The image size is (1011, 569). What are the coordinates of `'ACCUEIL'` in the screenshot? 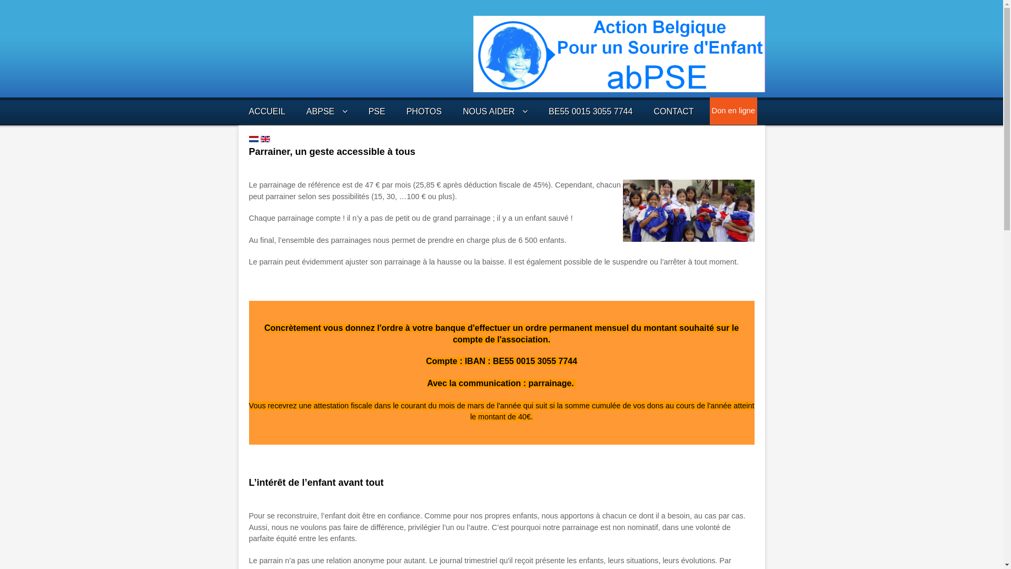 It's located at (266, 111).